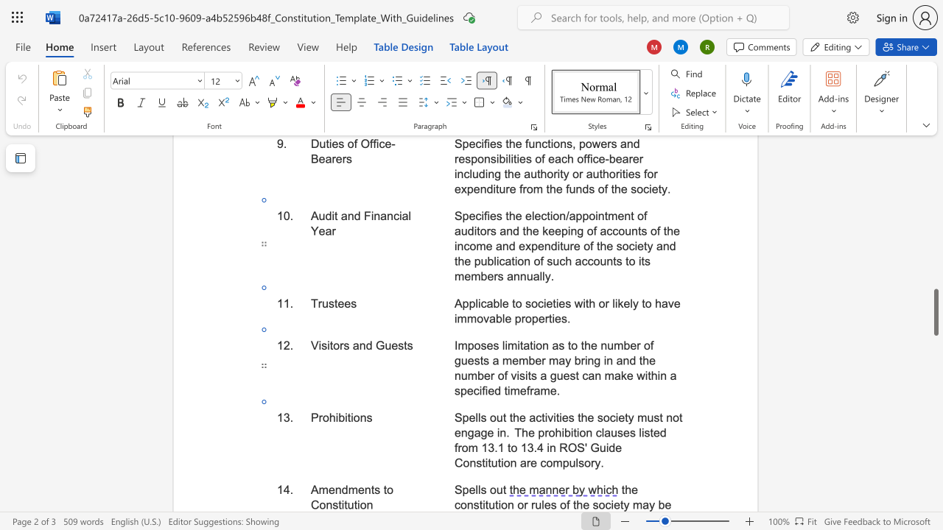  I want to click on the space between the continuous character "t" and "s" in the text, so click(375, 490).